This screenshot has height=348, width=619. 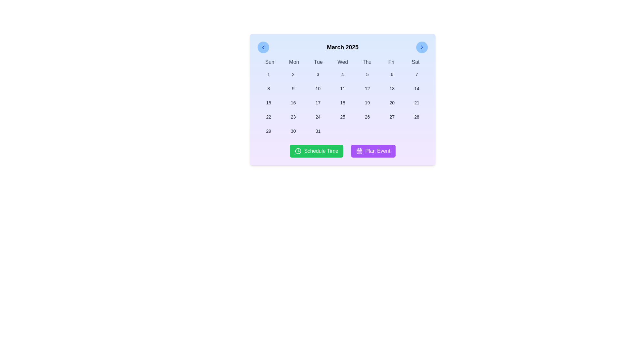 What do you see at coordinates (318, 102) in the screenshot?
I see `the clickable date element representing the 17th of March 2025` at bounding box center [318, 102].